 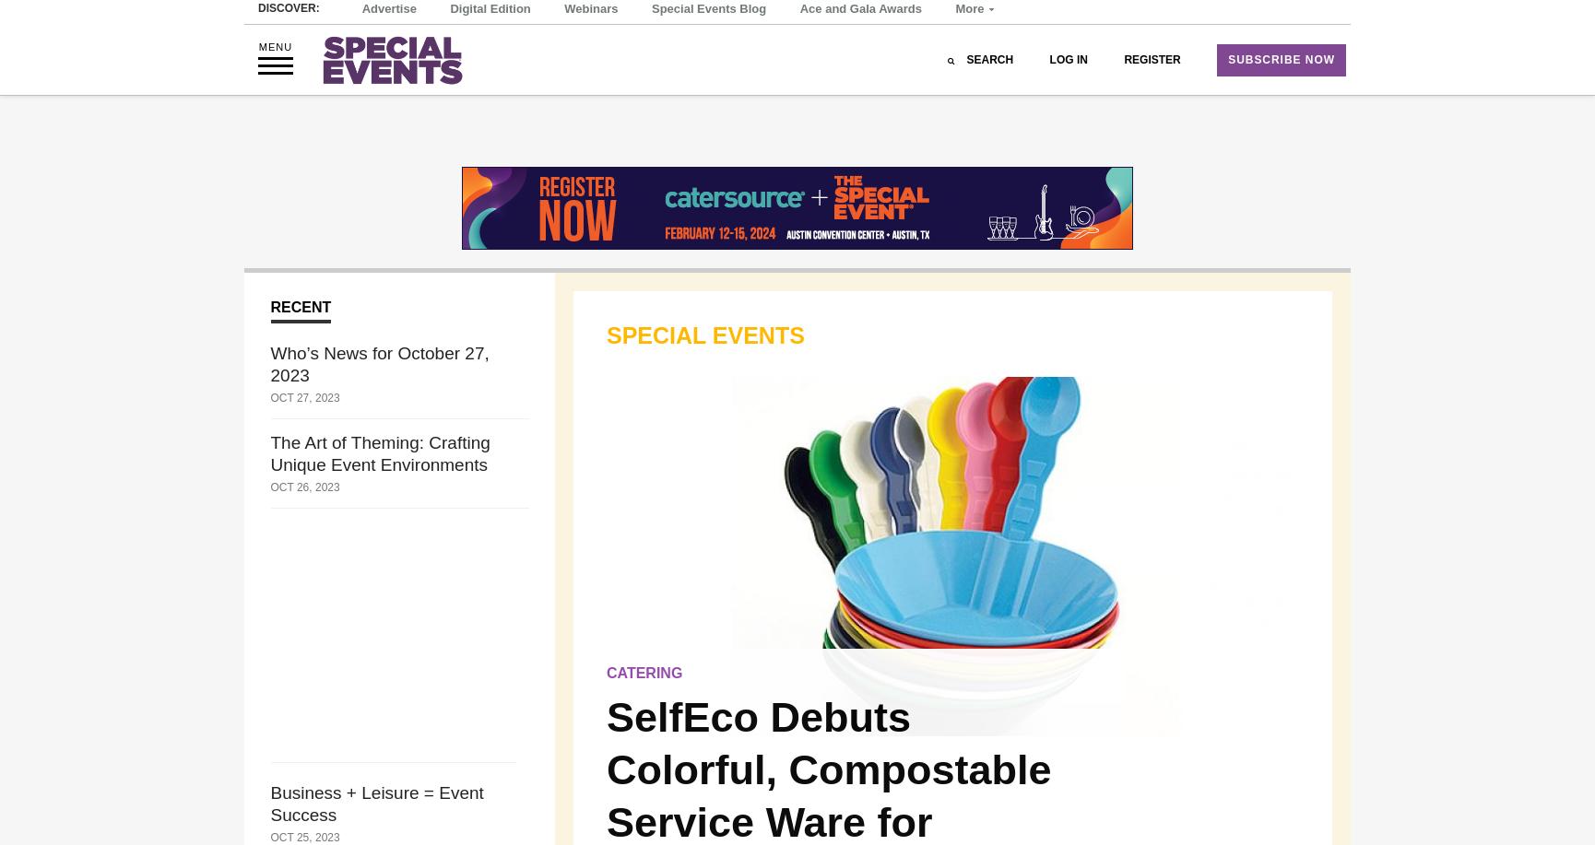 I want to click on 'Search', so click(x=965, y=109).